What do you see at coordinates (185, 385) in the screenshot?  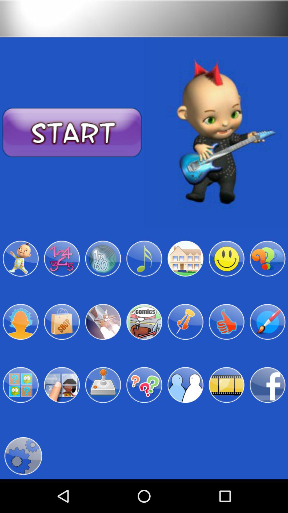 I see `interaction option` at bounding box center [185, 385].